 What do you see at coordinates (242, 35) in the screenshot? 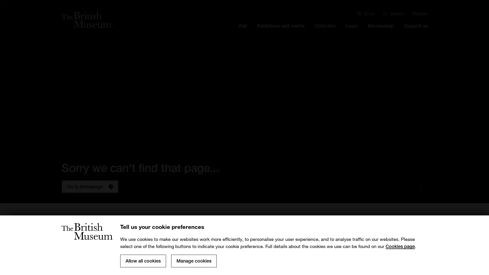
I see `Toggle Visit submenu` at bounding box center [242, 35].